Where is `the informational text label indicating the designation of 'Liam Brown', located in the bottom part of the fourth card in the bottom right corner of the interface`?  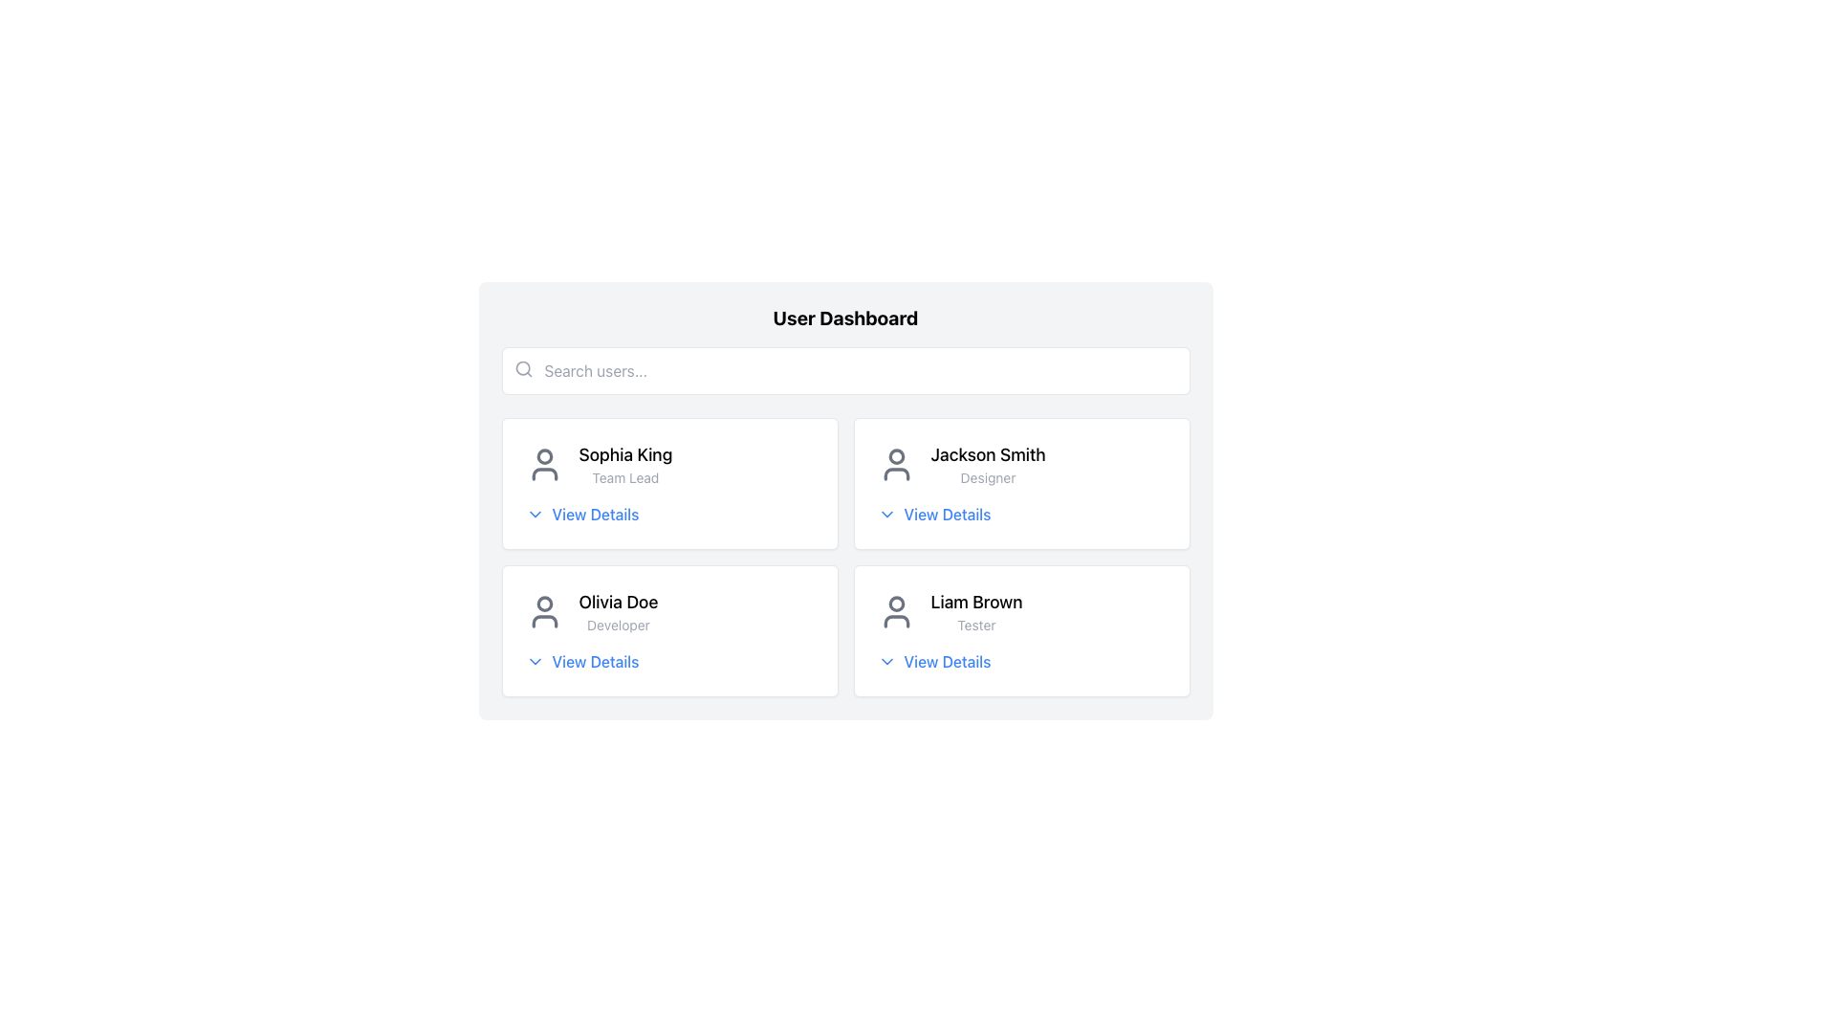
the informational text label indicating the designation of 'Liam Brown', located in the bottom part of the fourth card in the bottom right corner of the interface is located at coordinates (976, 626).